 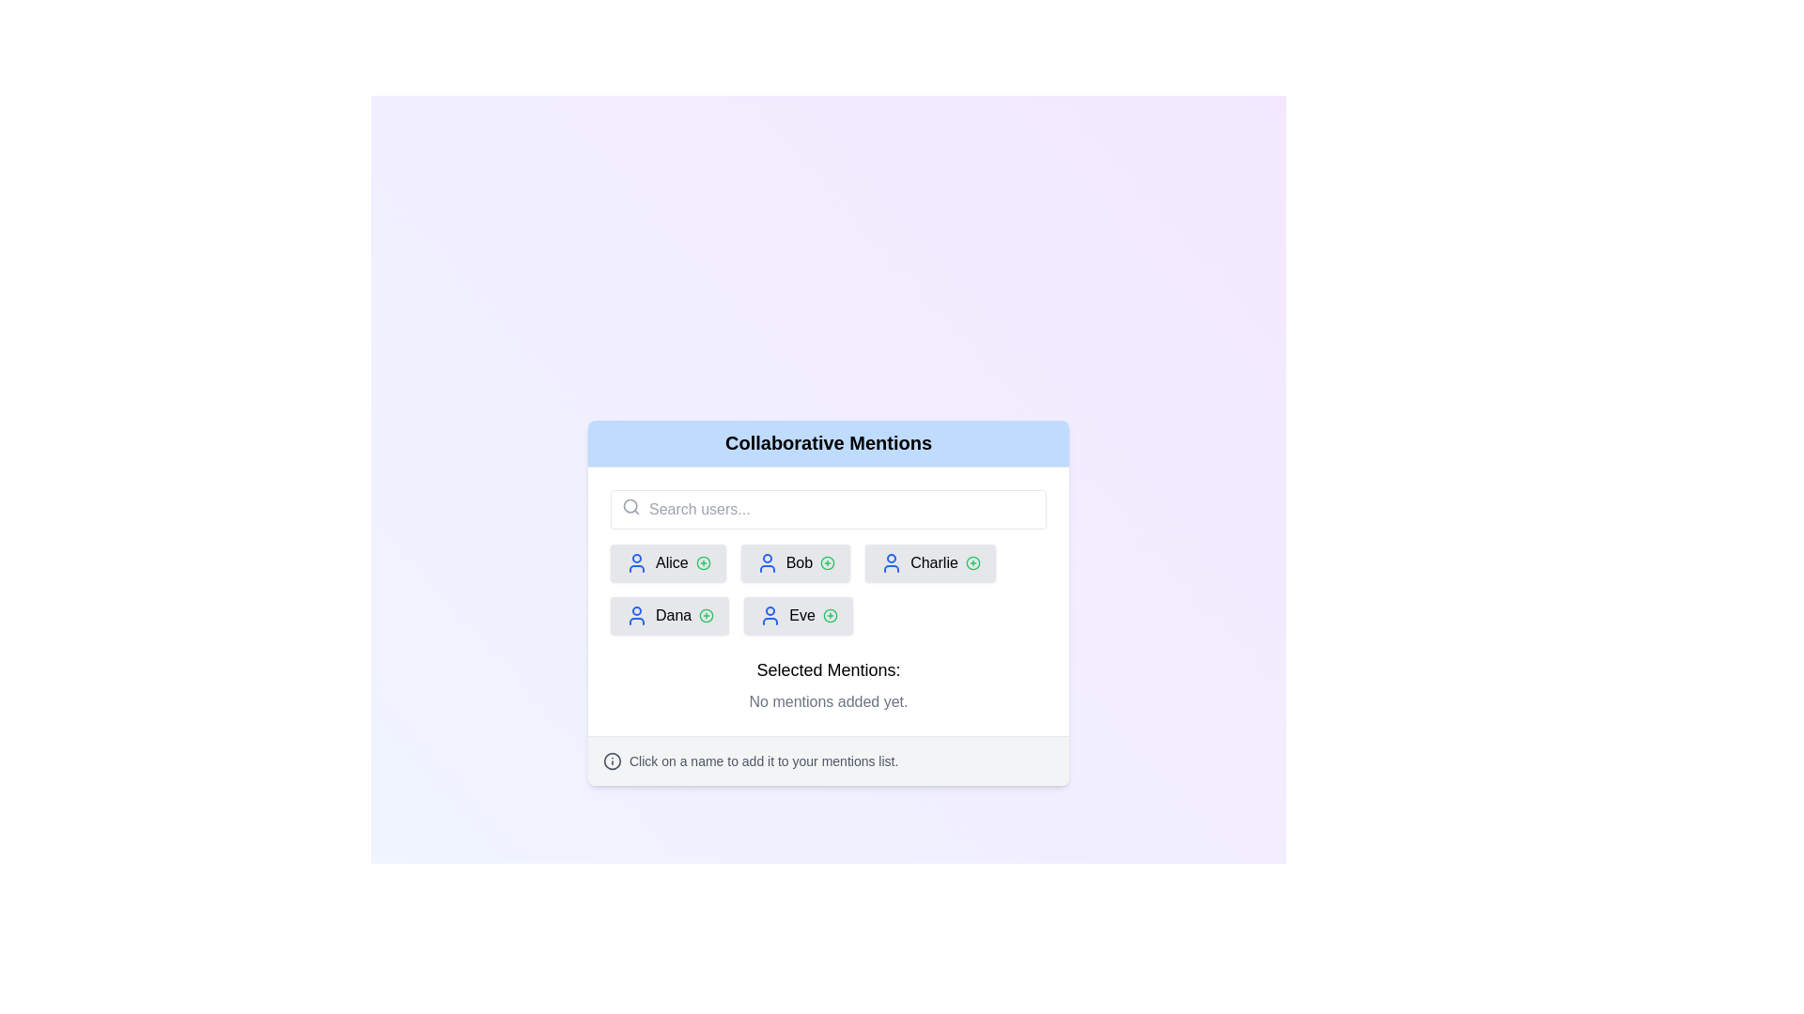 I want to click on the small circular visual component inside the magnifying glass icon used for search functionality in the Collaborative Mentions interface, so click(x=630, y=504).